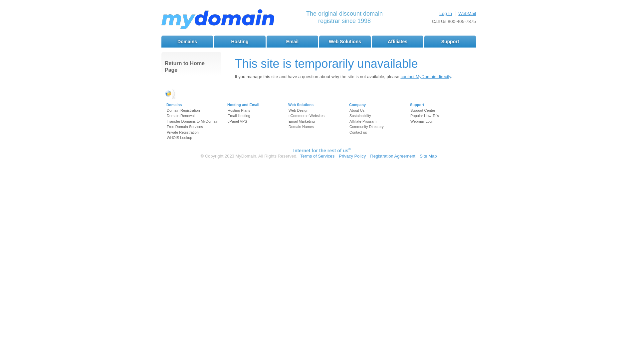 Image resolution: width=639 pixels, height=359 pixels. I want to click on 'Community Directory', so click(349, 127).